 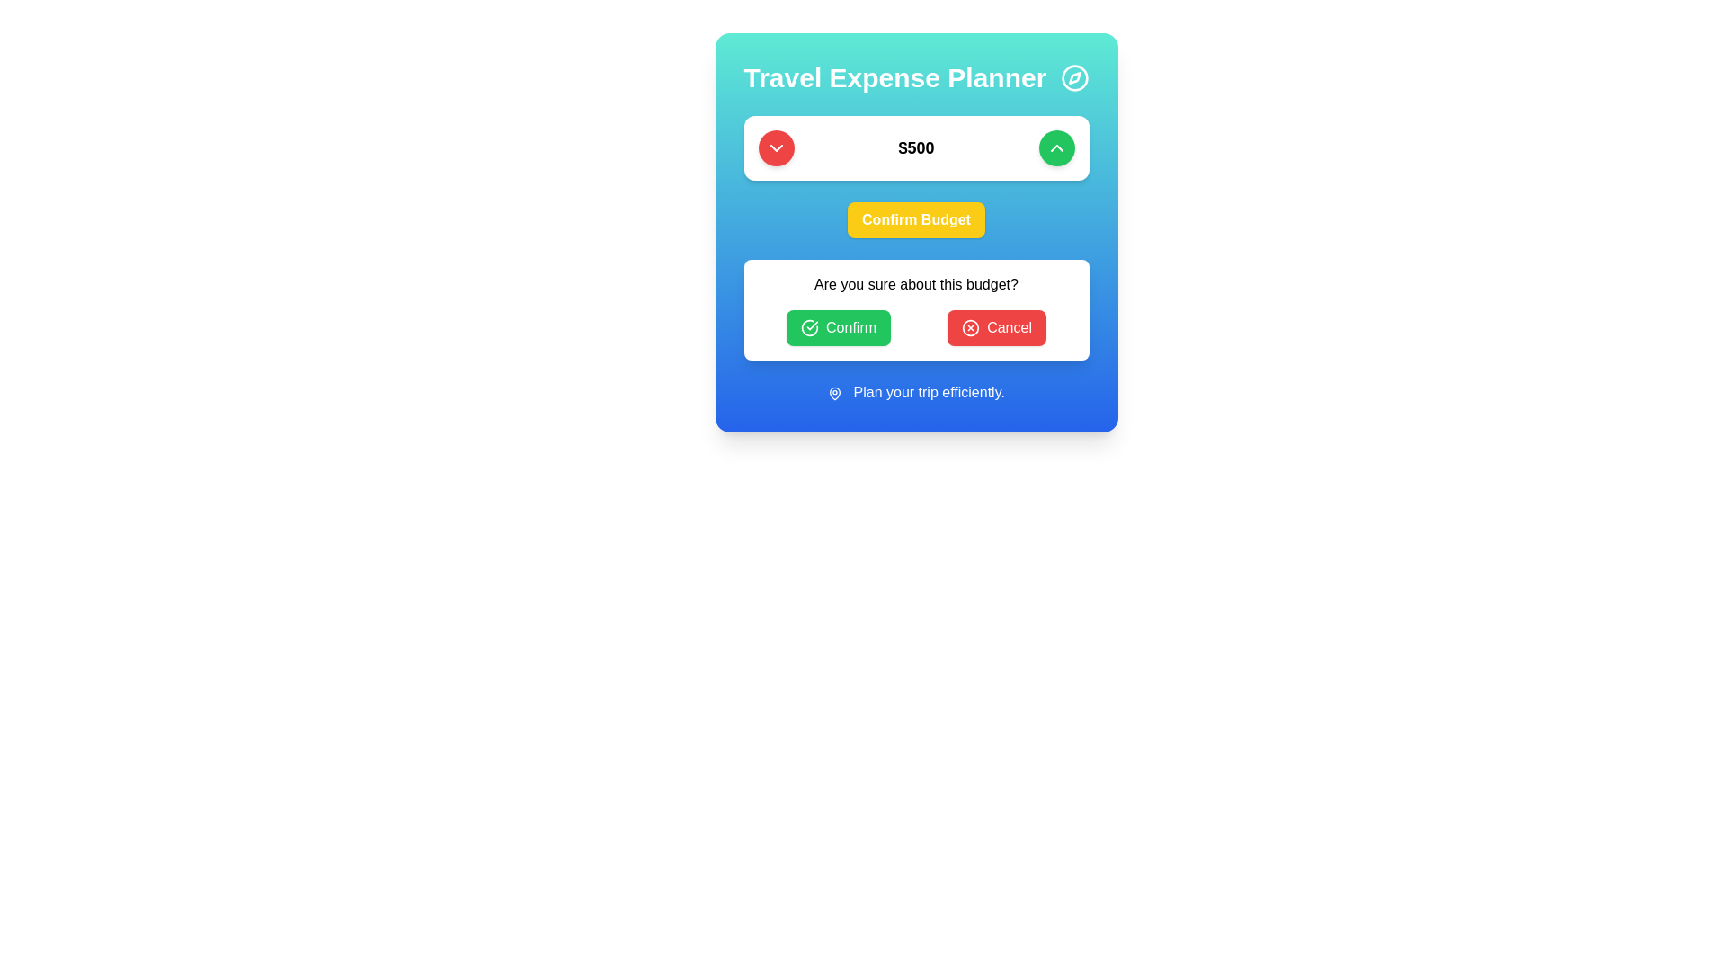 I want to click on the compass-shaped icon outlined in white, located in the top-right corner of the 'Travel Expense Planner' component, so click(x=1074, y=77).